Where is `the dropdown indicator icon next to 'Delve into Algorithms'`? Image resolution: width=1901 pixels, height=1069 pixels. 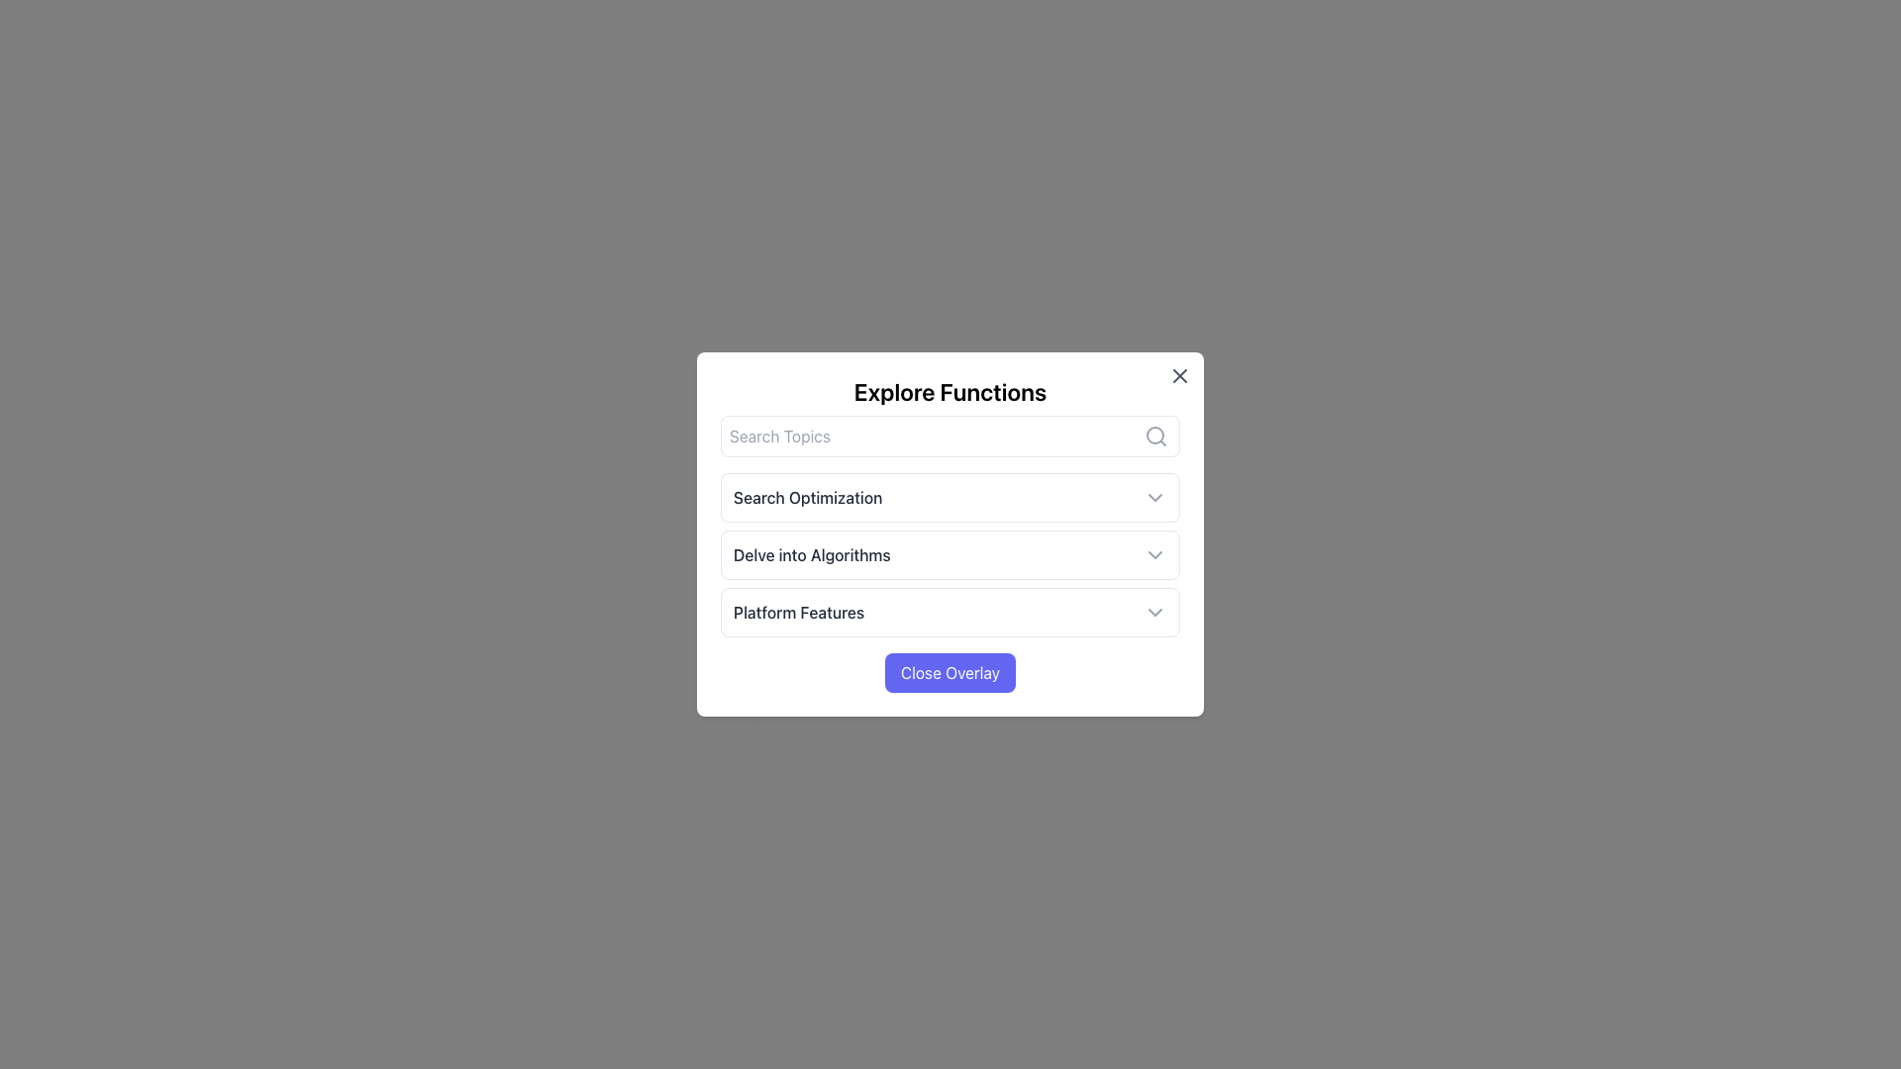 the dropdown indicator icon next to 'Delve into Algorithms' is located at coordinates (1154, 554).